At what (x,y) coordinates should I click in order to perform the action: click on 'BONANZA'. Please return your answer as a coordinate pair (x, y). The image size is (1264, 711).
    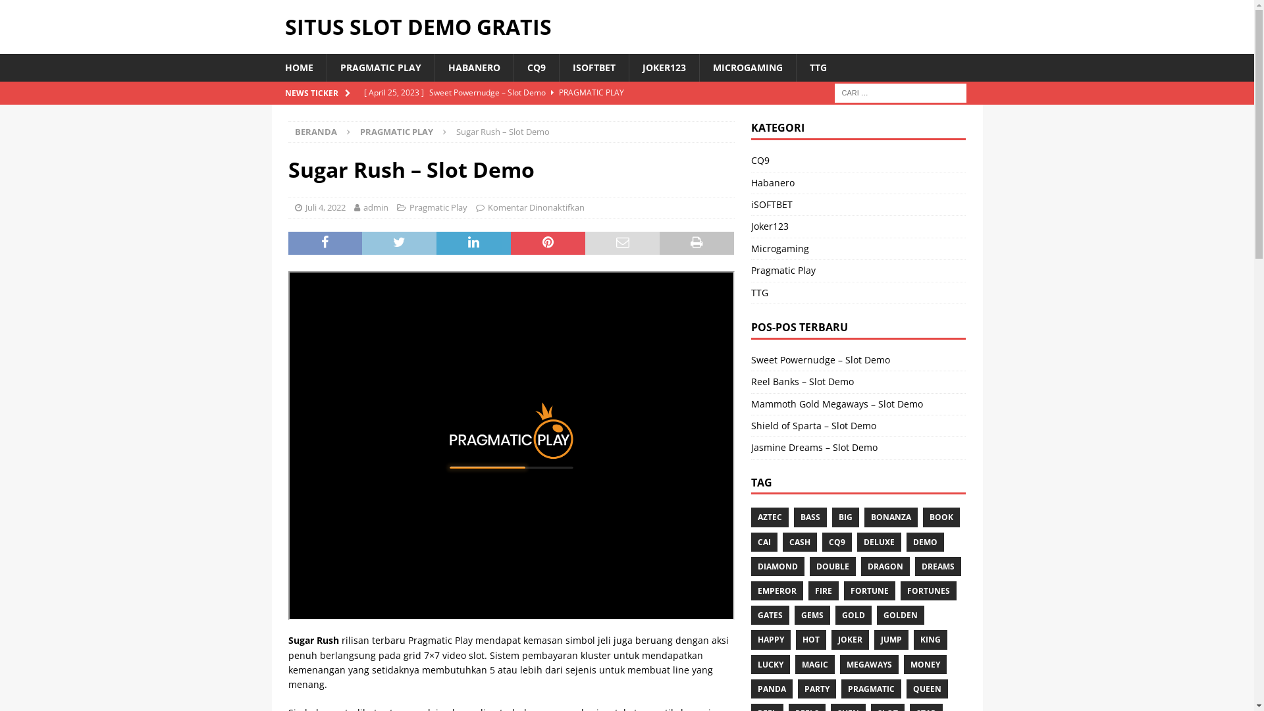
    Looking at the image, I should click on (891, 516).